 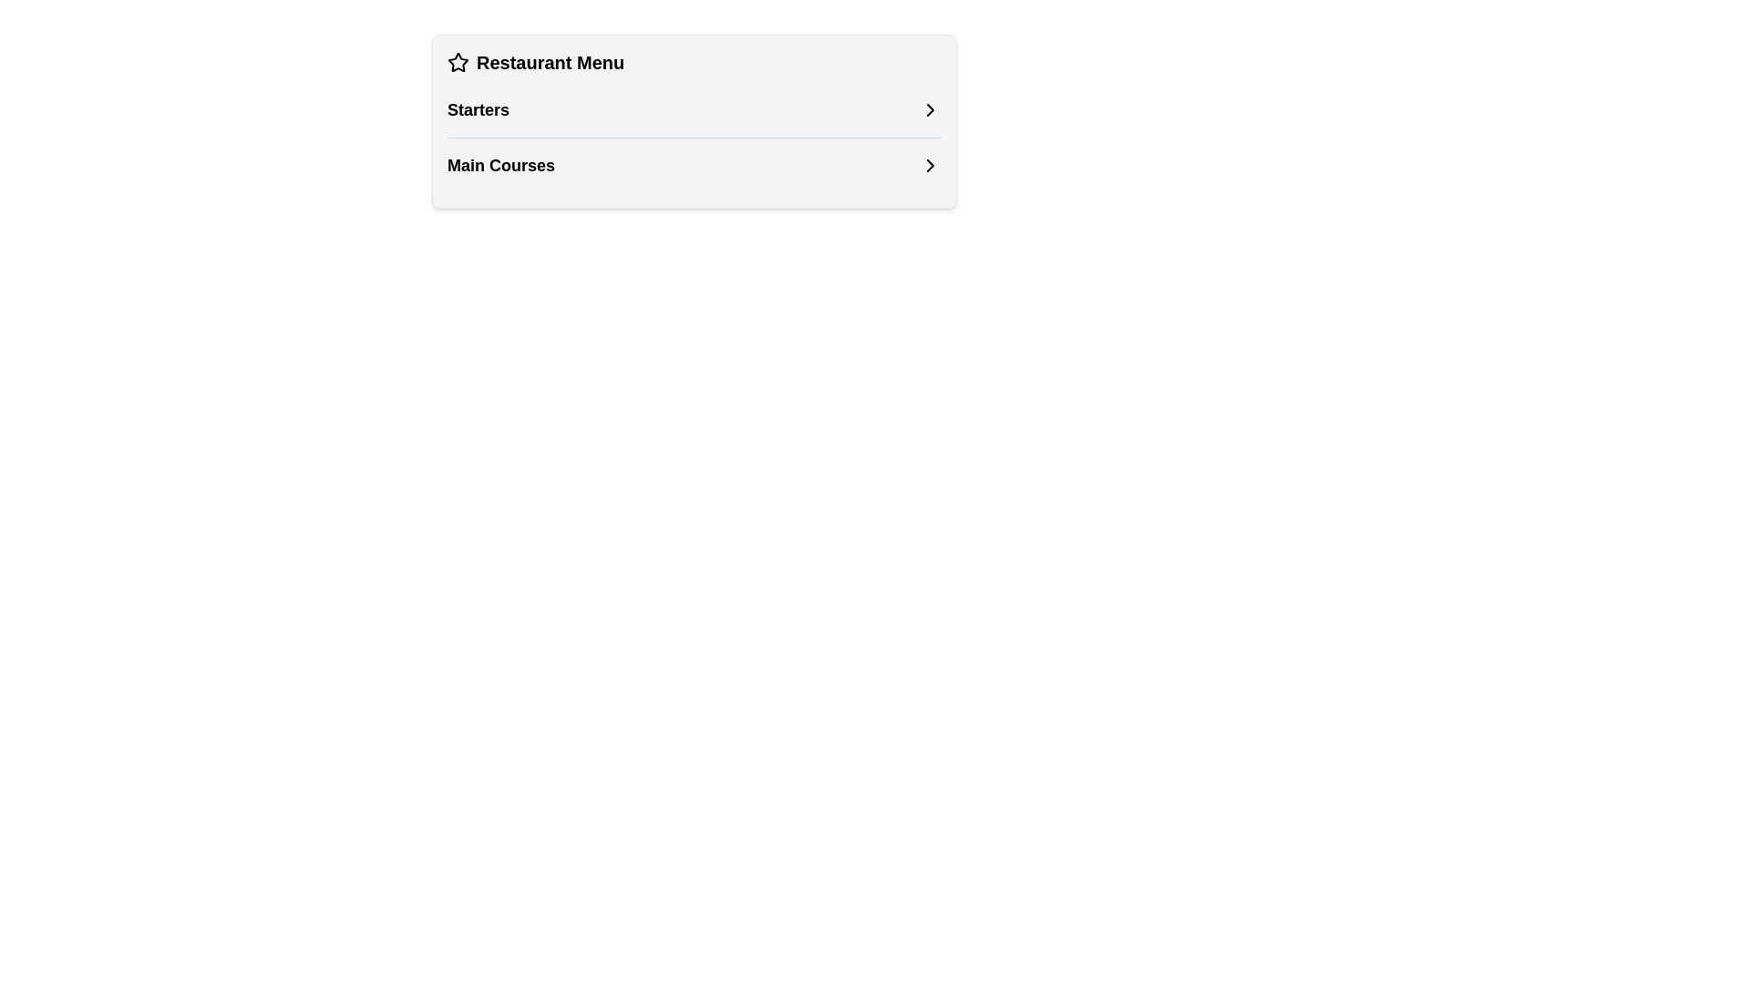 I want to click on the rightward pointing chevron icon (chevron-right) located at the far right of the 'Main Courses' list item to interact with it, so click(x=931, y=165).